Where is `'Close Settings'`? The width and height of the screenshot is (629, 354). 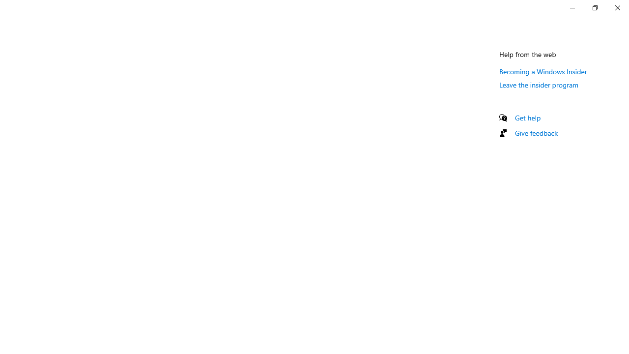 'Close Settings' is located at coordinates (617, 7).